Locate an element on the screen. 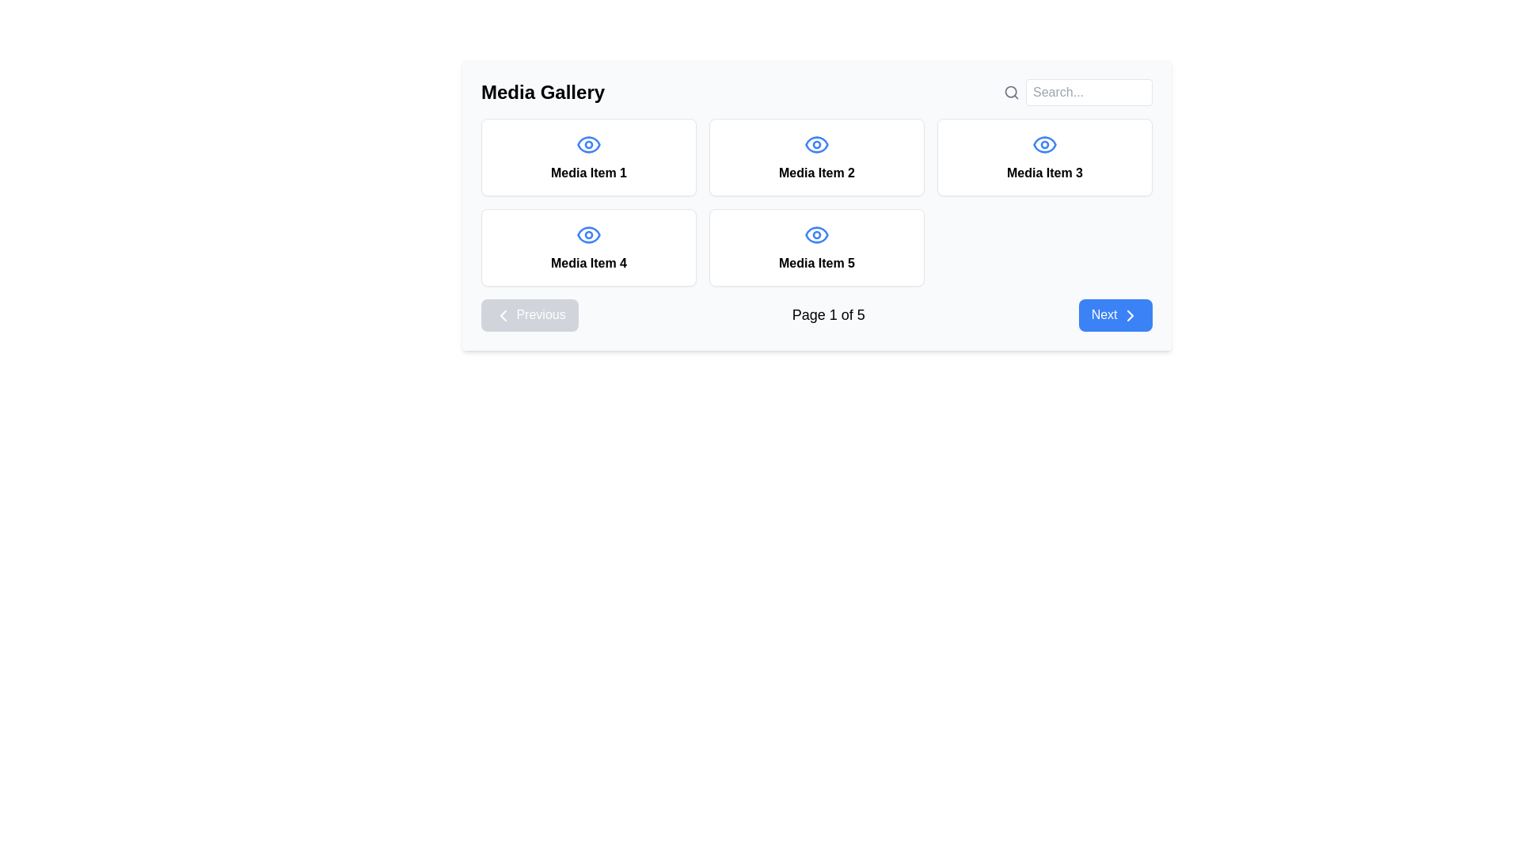  the static text label displaying 'Media Item 1' which is located in the top-left corner of a white bordered card with rounded corners is located at coordinates (588, 173).